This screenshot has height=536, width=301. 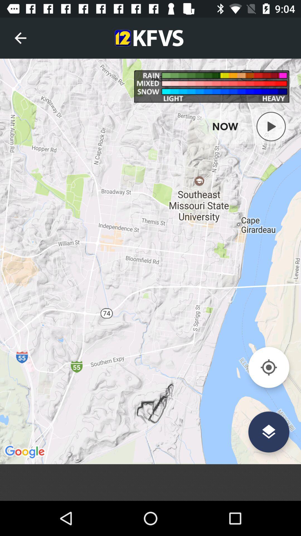 What do you see at coordinates (268, 367) in the screenshot?
I see `find current location` at bounding box center [268, 367].